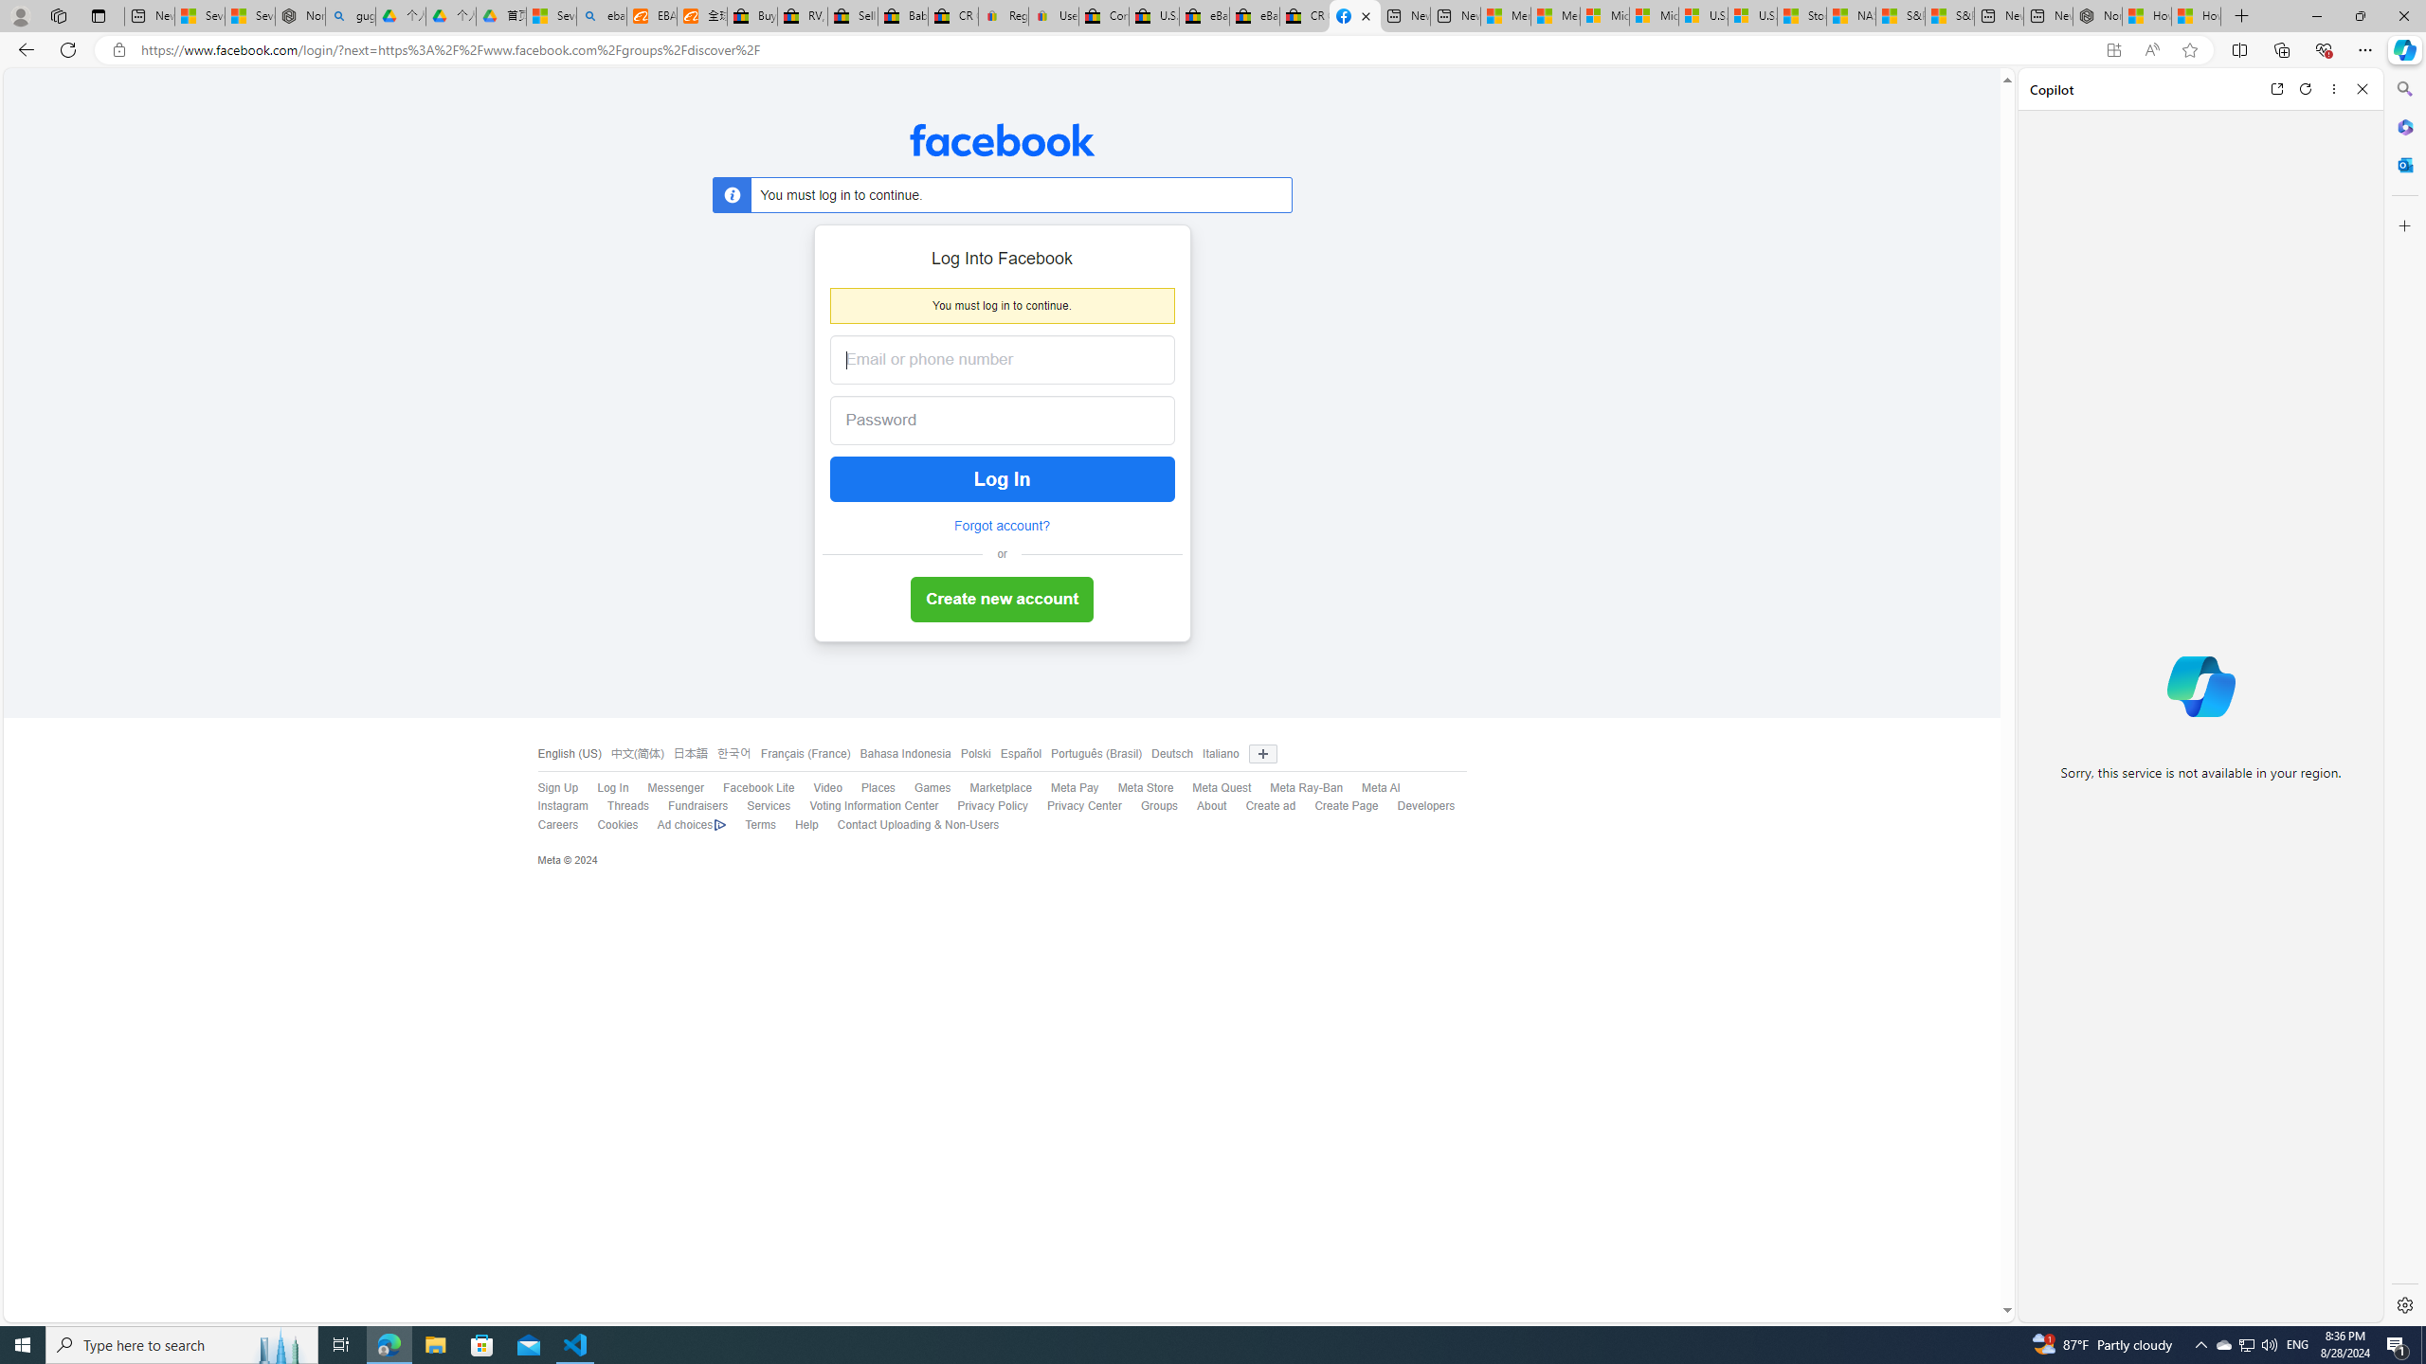  Describe the element at coordinates (868, 788) in the screenshot. I see `'Places'` at that location.